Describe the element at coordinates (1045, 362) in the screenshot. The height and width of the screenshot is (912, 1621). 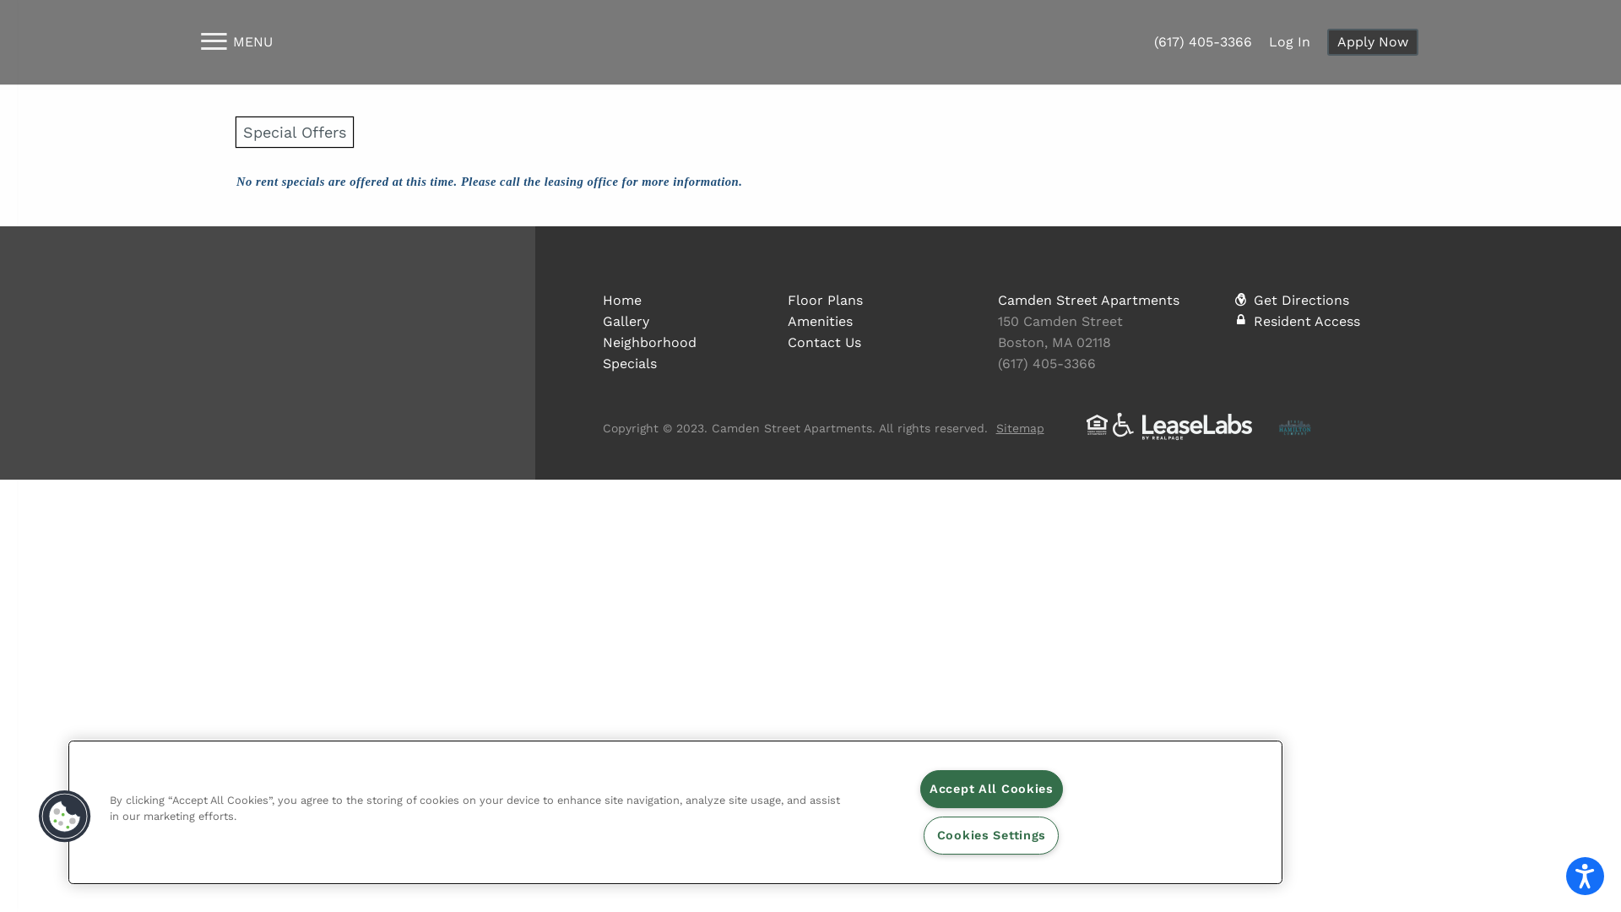
I see `'(617) 405-3366'` at that location.